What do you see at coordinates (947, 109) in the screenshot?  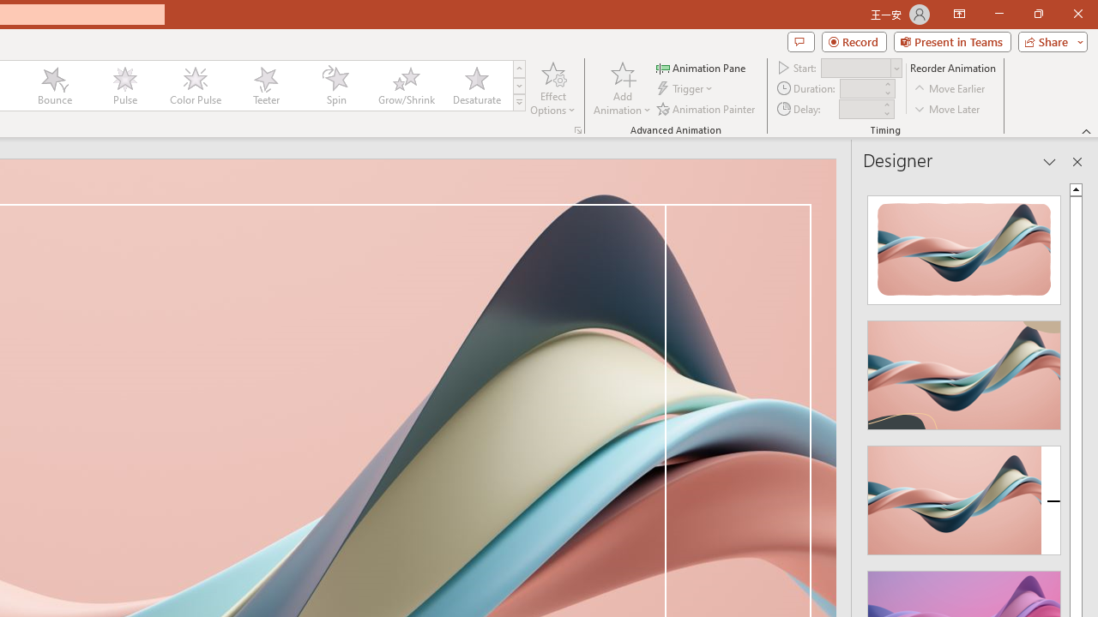 I see `'Move Later'` at bounding box center [947, 109].